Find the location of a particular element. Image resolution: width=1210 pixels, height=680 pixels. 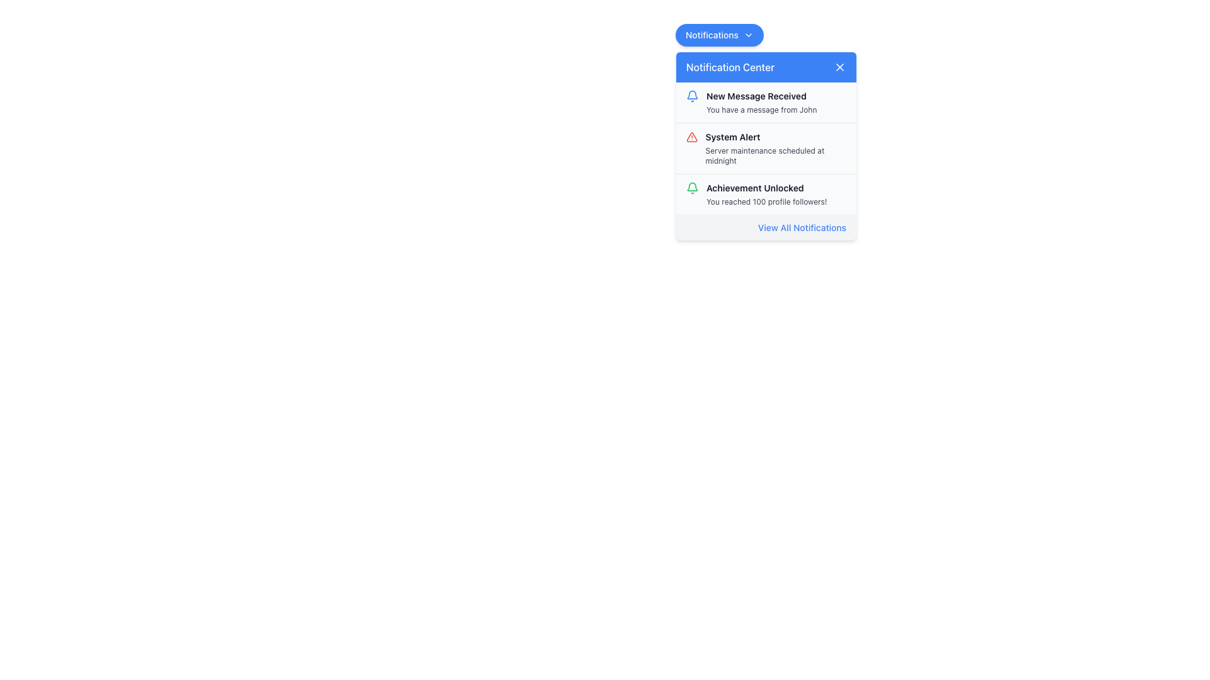

the Notification icon represented by a bell, located in the top-left corner of the first item in the list of notifications, just above 'System Alert' is located at coordinates (692, 96).